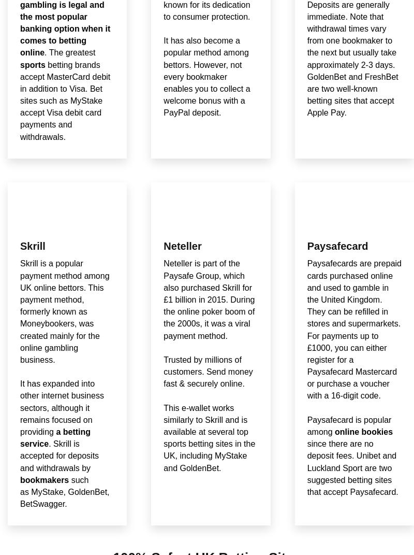  I want to click on 'Skrill', so click(32, 245).